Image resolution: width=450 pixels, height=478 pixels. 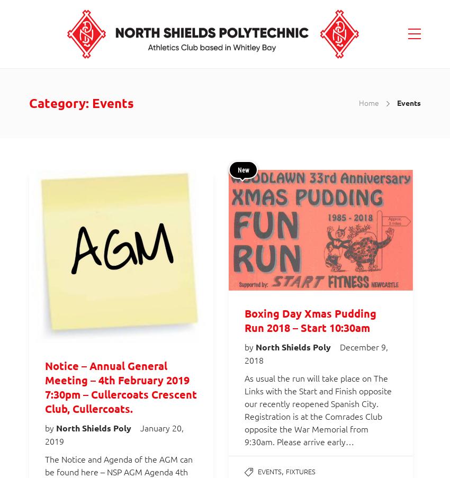 I want to click on 'Home', so click(x=368, y=102).